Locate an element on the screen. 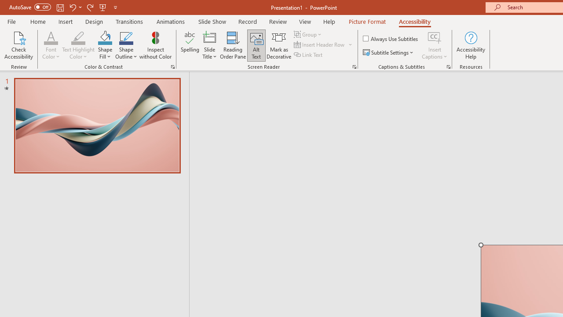 The height and width of the screenshot is (317, 563). 'Mark as Decorative' is located at coordinates (278, 45).